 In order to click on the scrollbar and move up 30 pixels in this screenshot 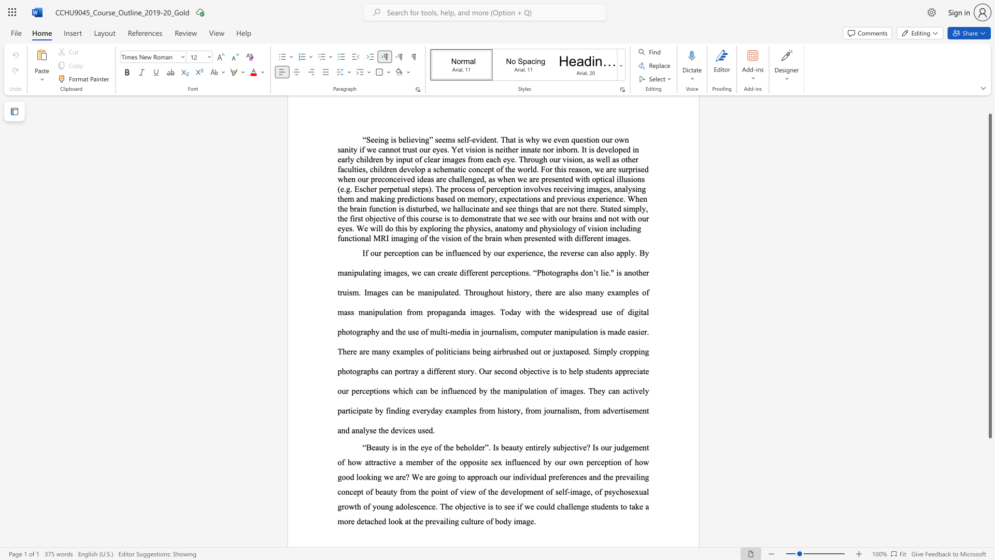, I will do `click(989, 275)`.